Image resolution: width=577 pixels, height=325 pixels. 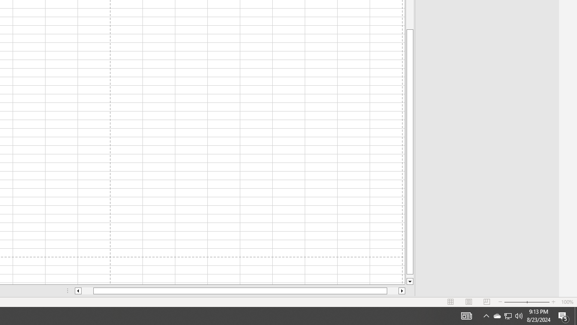 What do you see at coordinates (409, 281) in the screenshot?
I see `'Line down'` at bounding box center [409, 281].